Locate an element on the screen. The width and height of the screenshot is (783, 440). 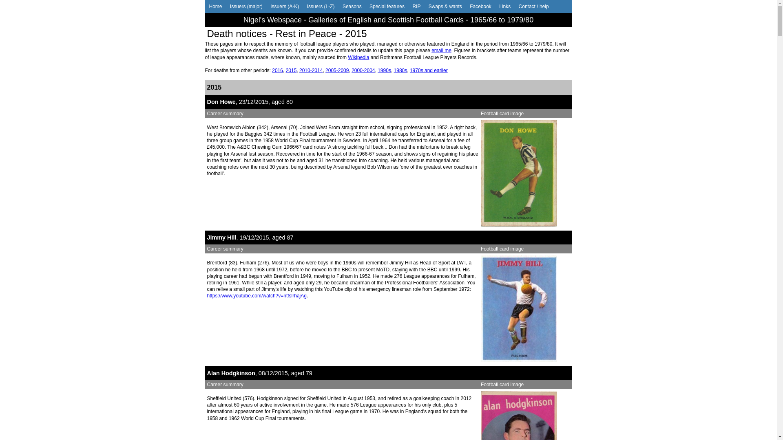
'Contact / help' is located at coordinates (534, 6).